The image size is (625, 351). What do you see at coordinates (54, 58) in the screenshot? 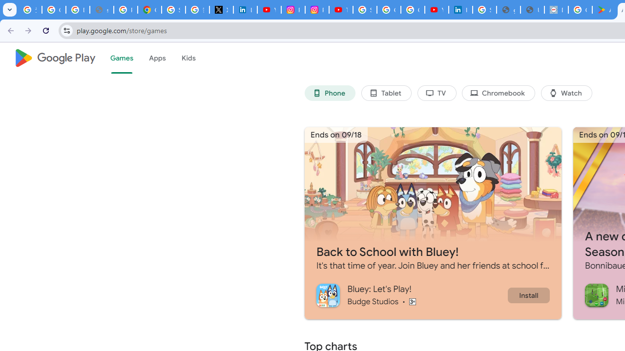
I see `'Google Play logo'` at bounding box center [54, 58].